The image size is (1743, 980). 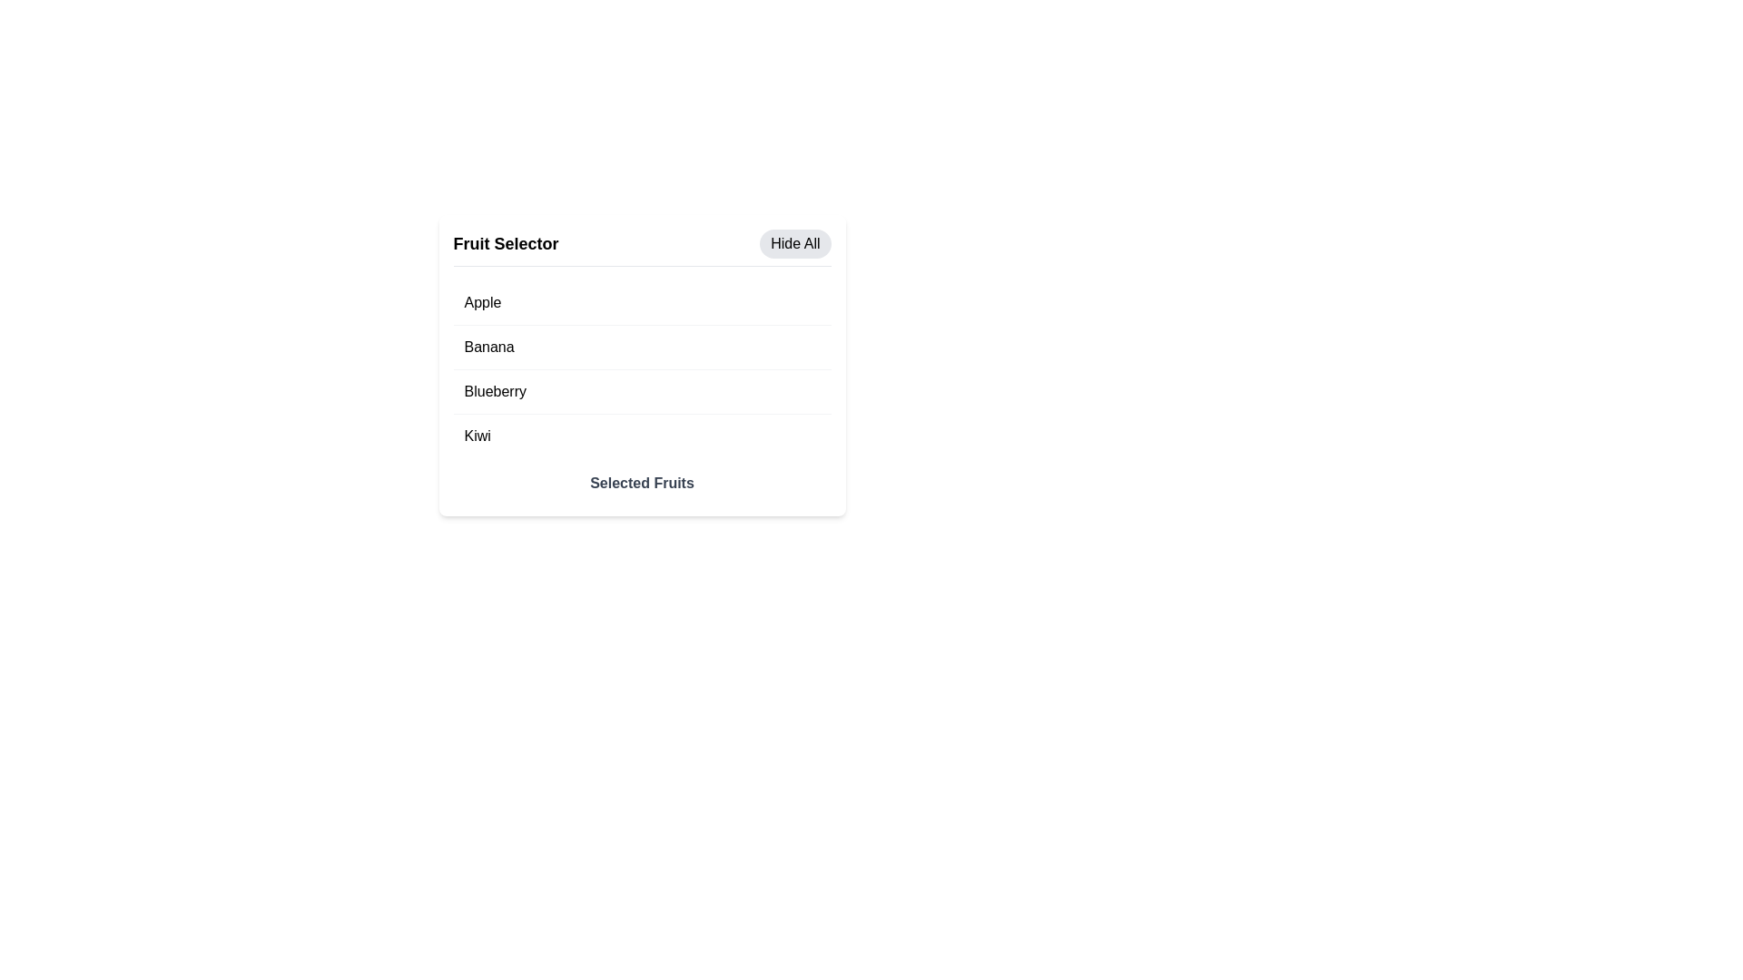 What do you see at coordinates (506, 243) in the screenshot?
I see `the text label displaying 'Fruit Selector', which is styled in bold and larger font size, located at the top-left corner of the interface` at bounding box center [506, 243].